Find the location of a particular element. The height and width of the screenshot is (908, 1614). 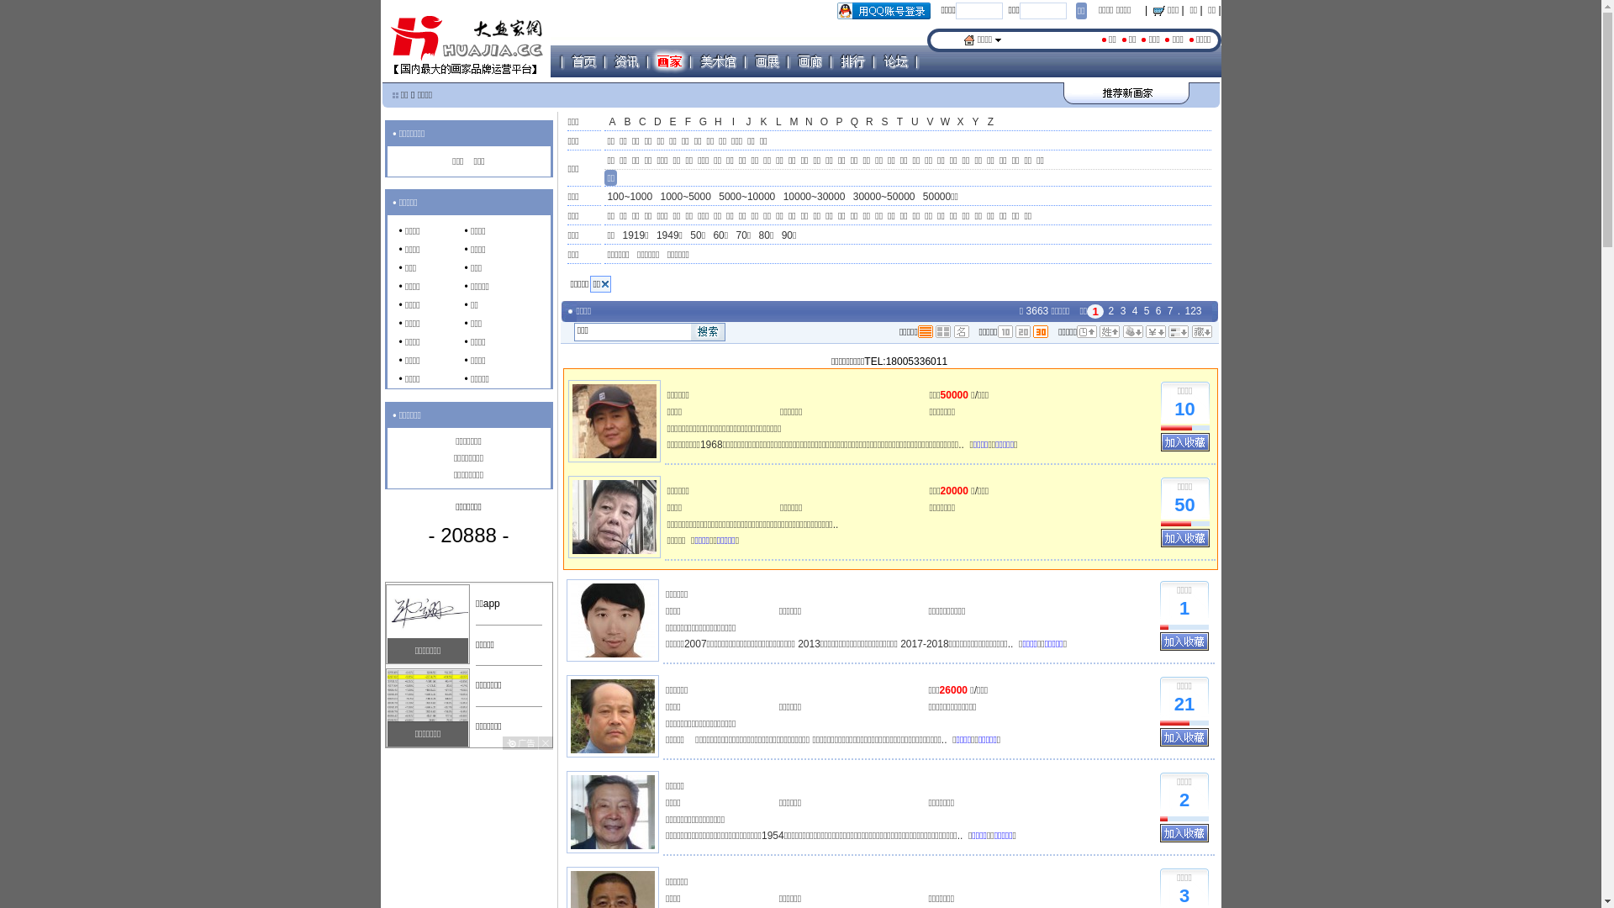

'O' is located at coordinates (823, 122).